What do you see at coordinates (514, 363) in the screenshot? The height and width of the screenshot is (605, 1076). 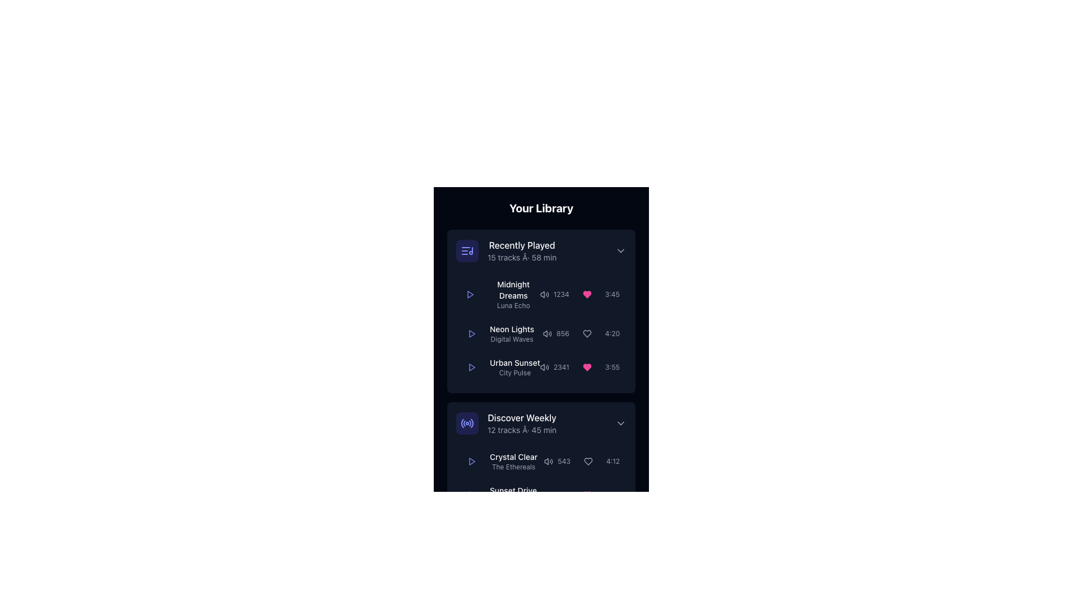 I see `the non-interactive text label for a media item located in the 'Recently Played' section, specifically the third item in the list, providing information relevant to the album or song` at bounding box center [514, 363].